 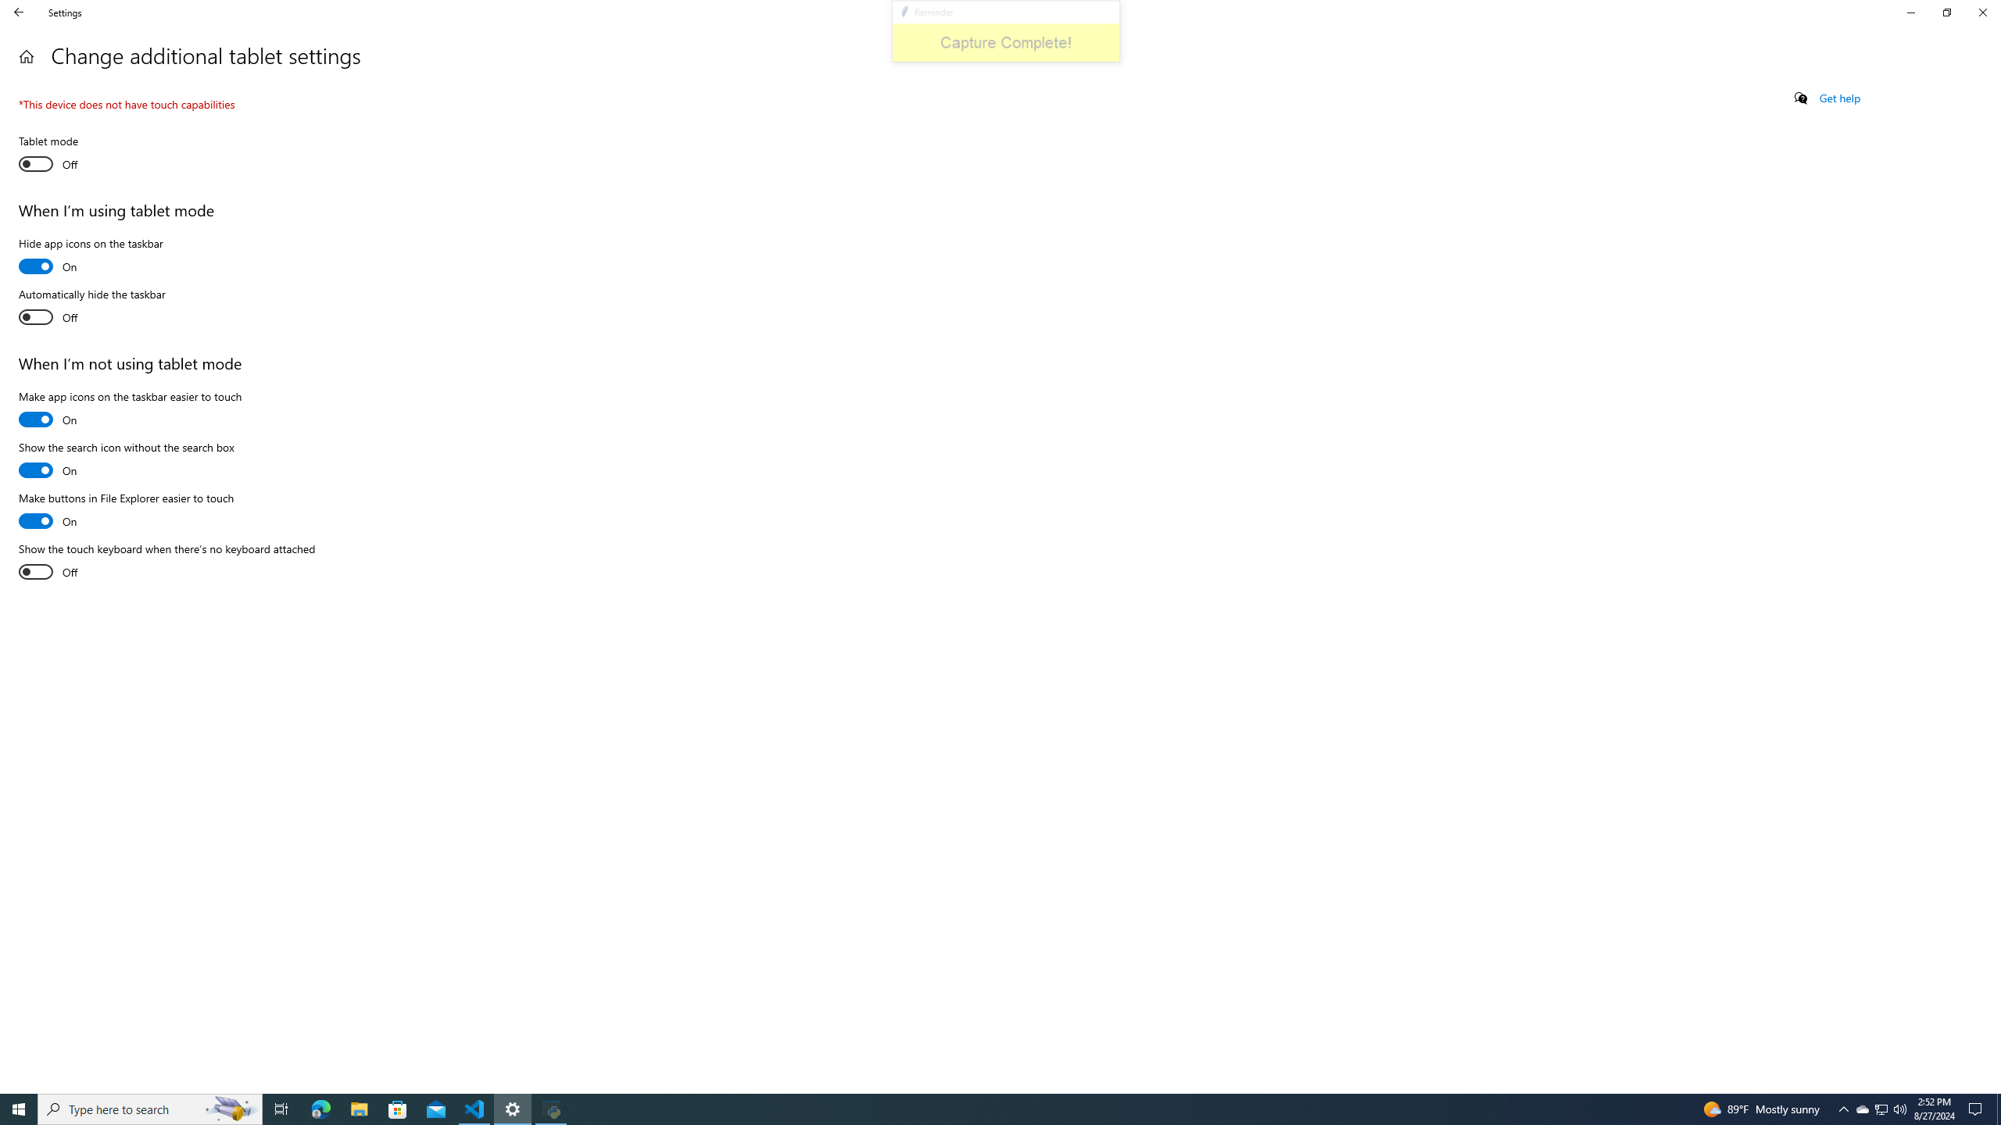 I want to click on 'Make app icons on the taskbar easier to touch', so click(x=130, y=409).